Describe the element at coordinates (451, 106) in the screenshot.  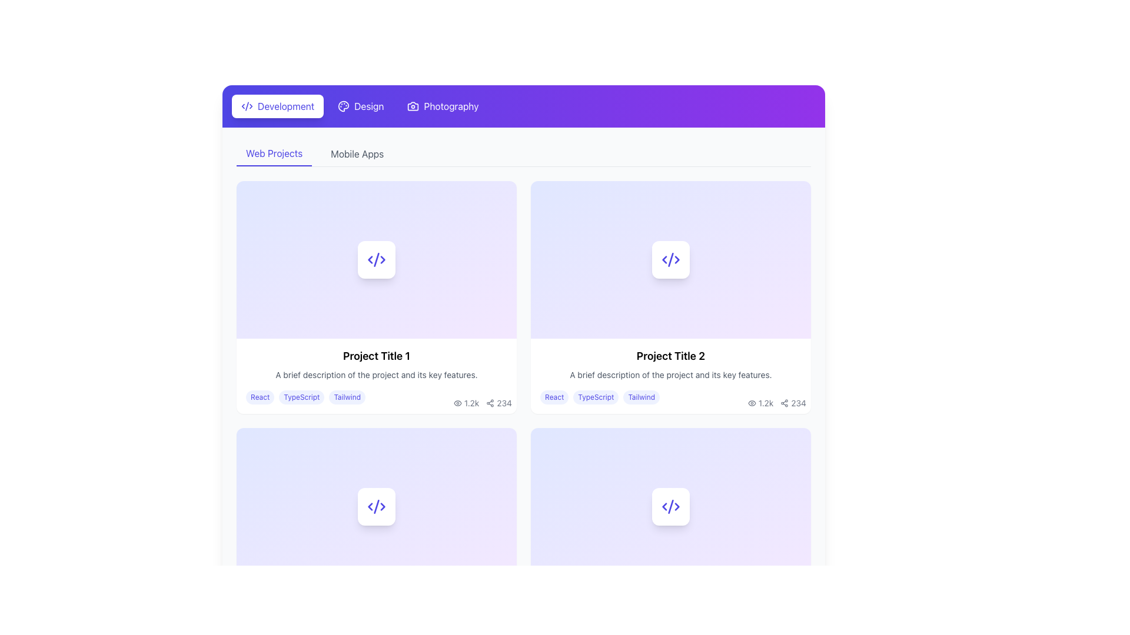
I see `the 'Photography' navigation link located on the right side of the top navigation bar` at that location.